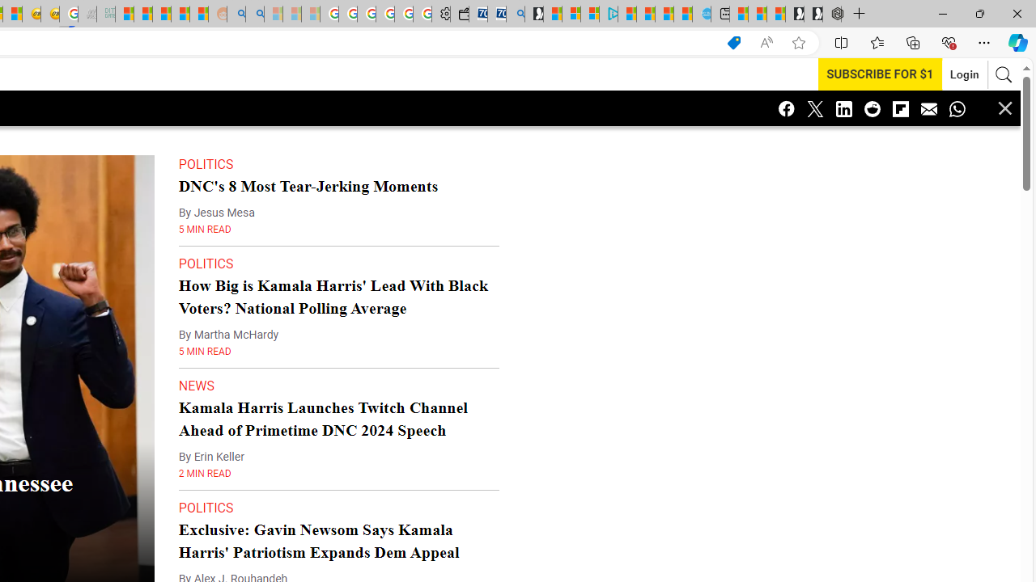 The image size is (1036, 582). Describe the element at coordinates (815, 108) in the screenshot. I see `'Class: icon-twitter'` at that location.